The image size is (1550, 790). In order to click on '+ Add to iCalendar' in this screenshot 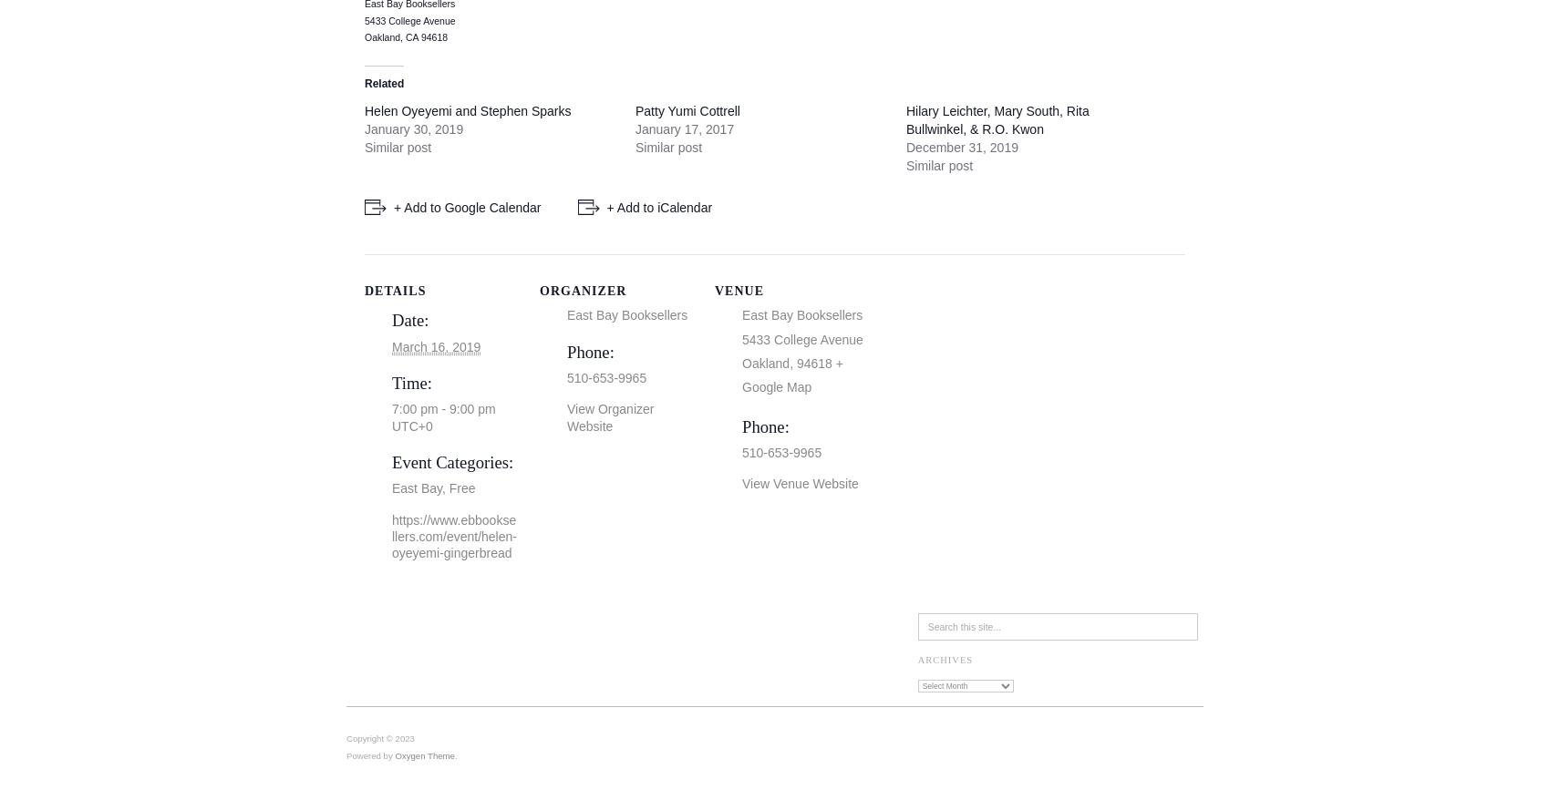, I will do `click(659, 206)`.